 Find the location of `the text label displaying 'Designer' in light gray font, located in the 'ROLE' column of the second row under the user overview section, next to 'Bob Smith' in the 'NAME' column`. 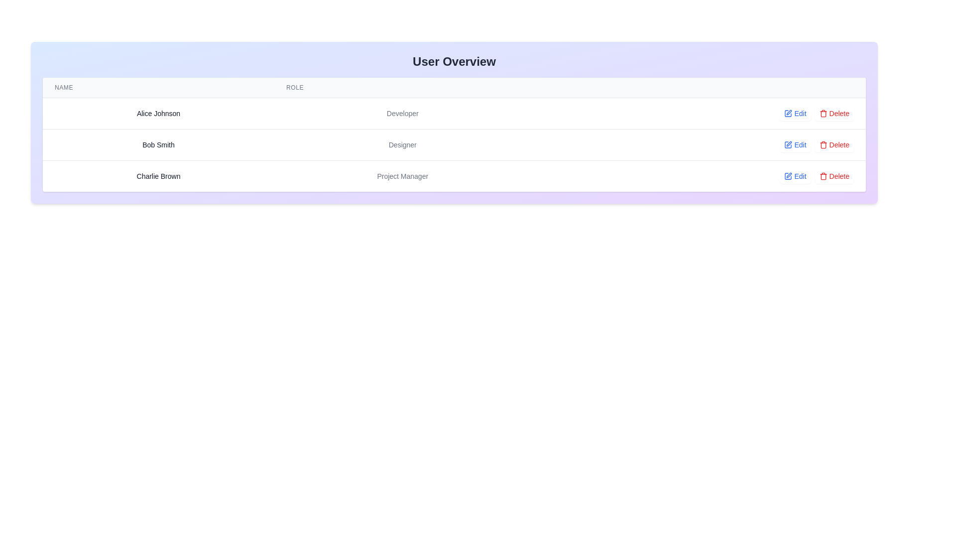

the text label displaying 'Designer' in light gray font, located in the 'ROLE' column of the second row under the user overview section, next to 'Bob Smith' in the 'NAME' column is located at coordinates (402, 144).